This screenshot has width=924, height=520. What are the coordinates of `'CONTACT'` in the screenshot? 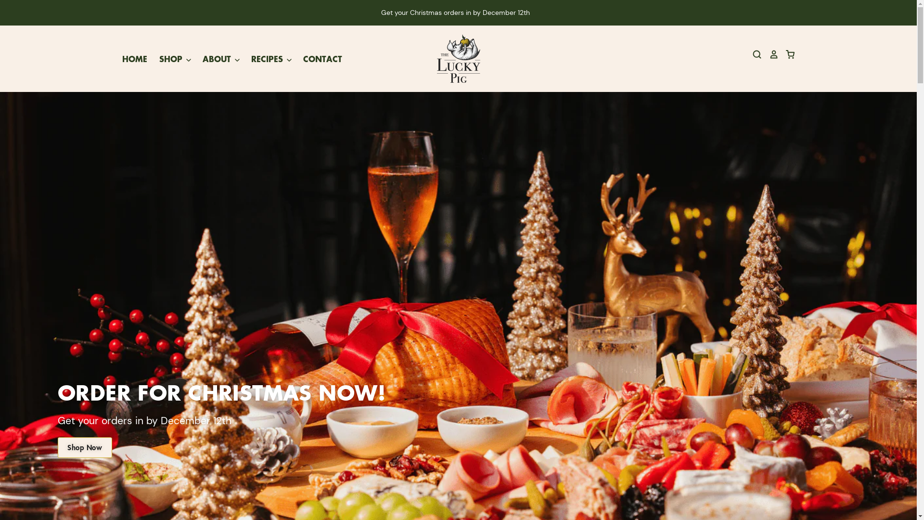 It's located at (290, 59).